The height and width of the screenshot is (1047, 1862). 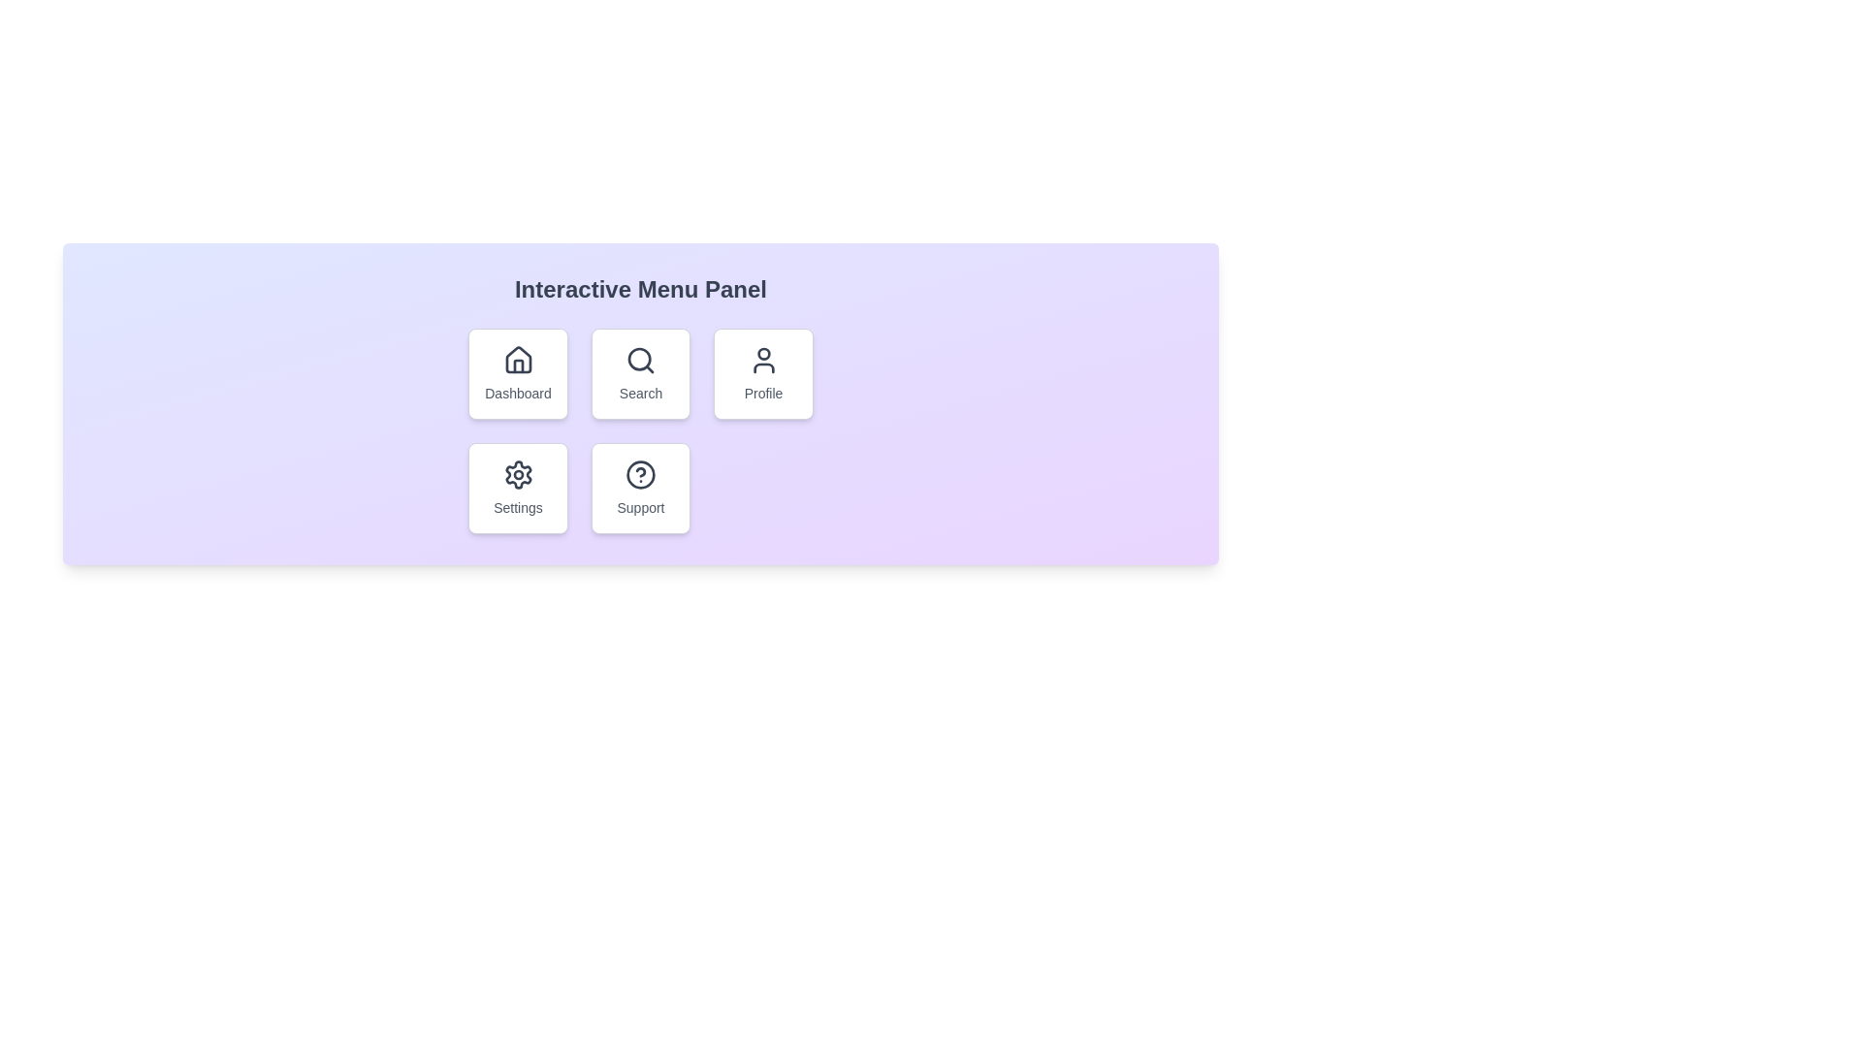 What do you see at coordinates (641, 474) in the screenshot?
I see `the help icon located in the 'Support' section below the 'Interactive Menu Panel'` at bounding box center [641, 474].